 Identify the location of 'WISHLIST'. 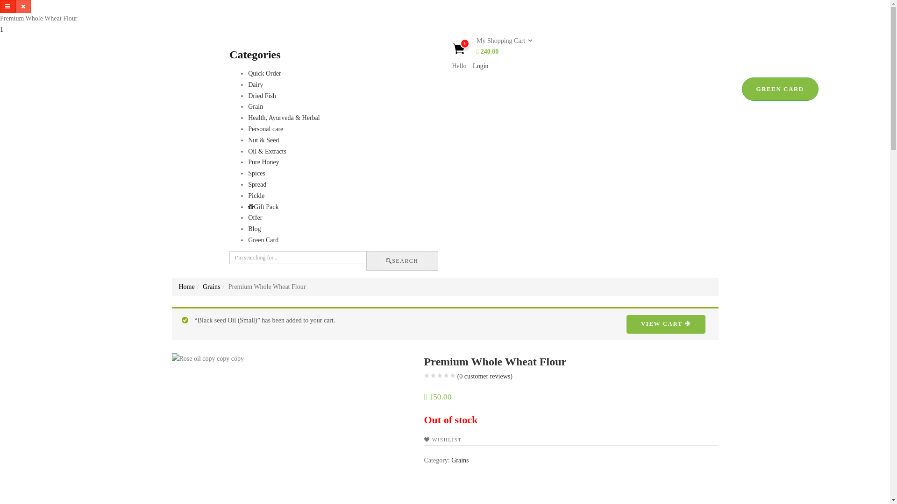
(442, 439).